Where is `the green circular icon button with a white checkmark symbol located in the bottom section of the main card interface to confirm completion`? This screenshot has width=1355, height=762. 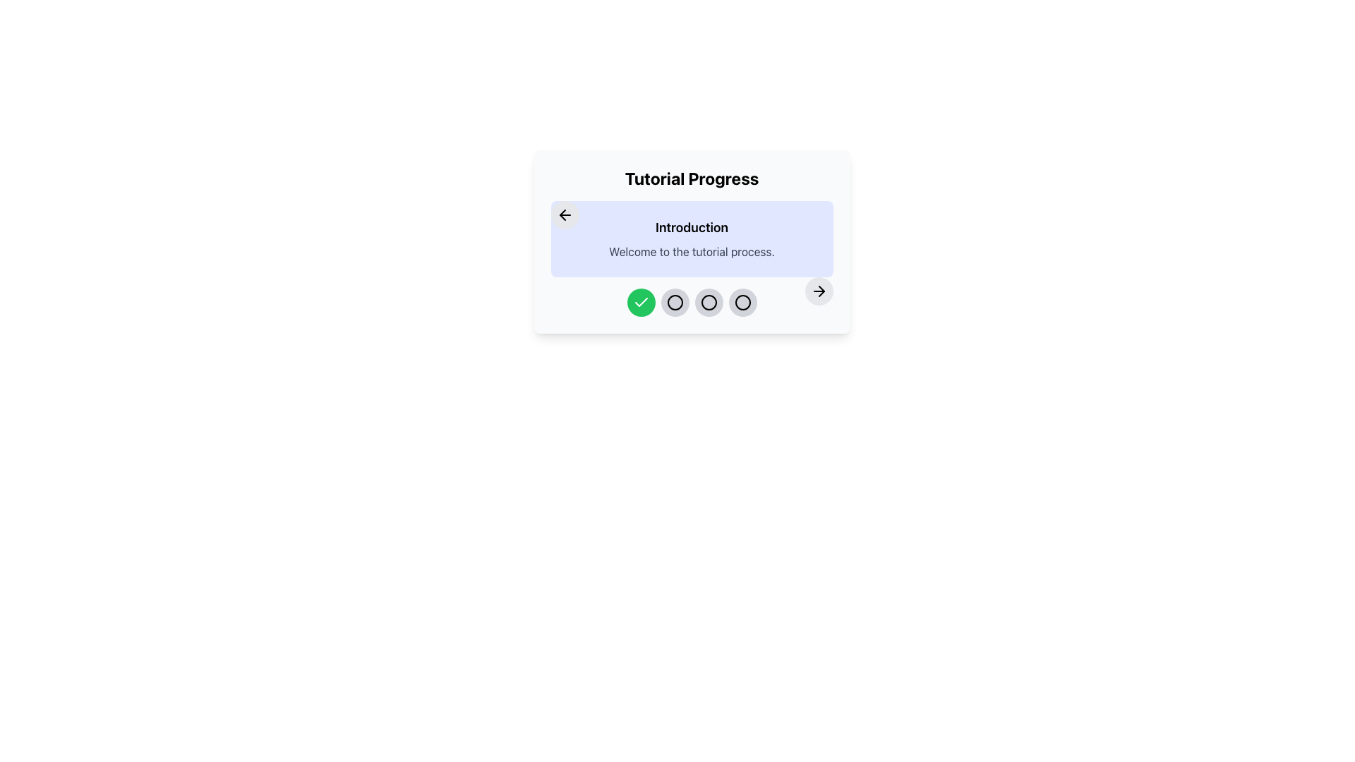
the green circular icon button with a white checkmark symbol located in the bottom section of the main card interface to confirm completion is located at coordinates (640, 301).